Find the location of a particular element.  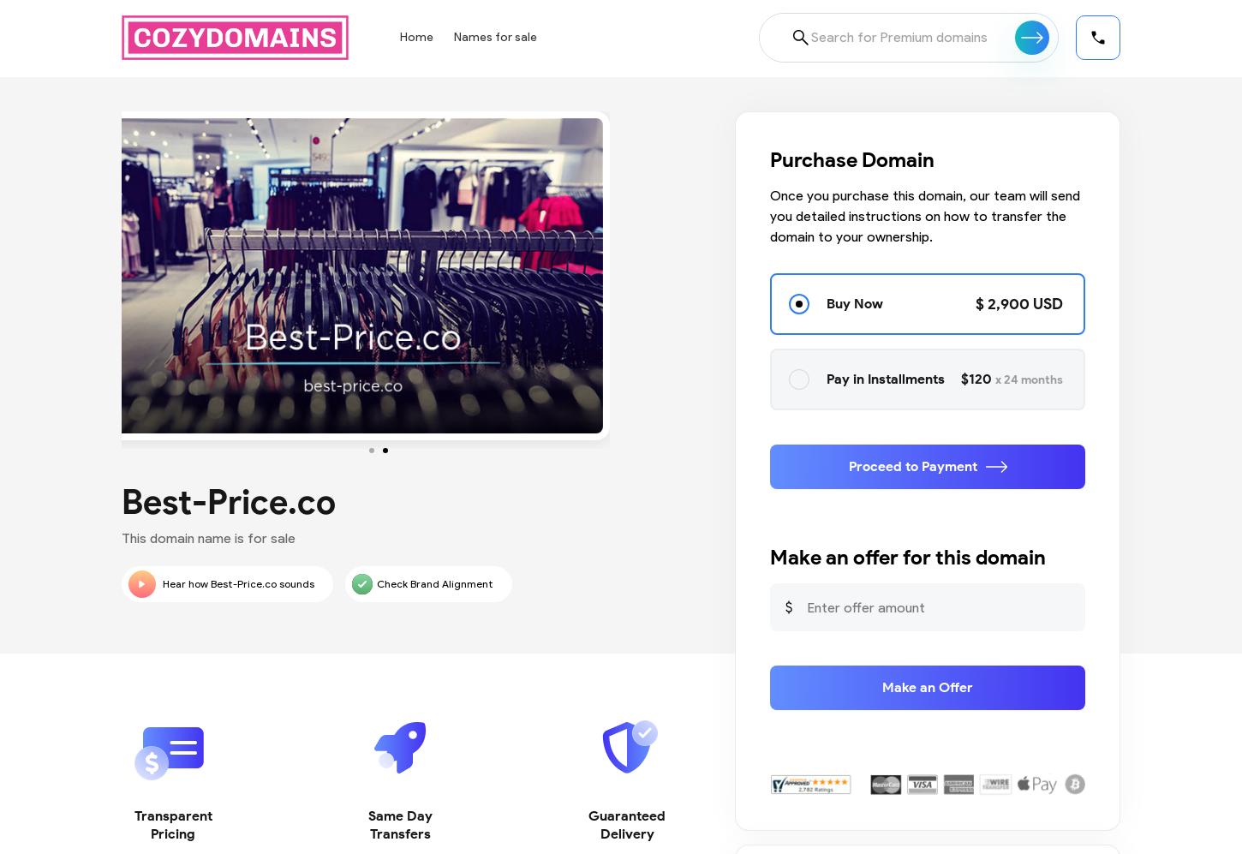

'Once you purchase this domain, our team will send you detailed instructions on how to transfer the domain to your ownership.' is located at coordinates (924, 215).